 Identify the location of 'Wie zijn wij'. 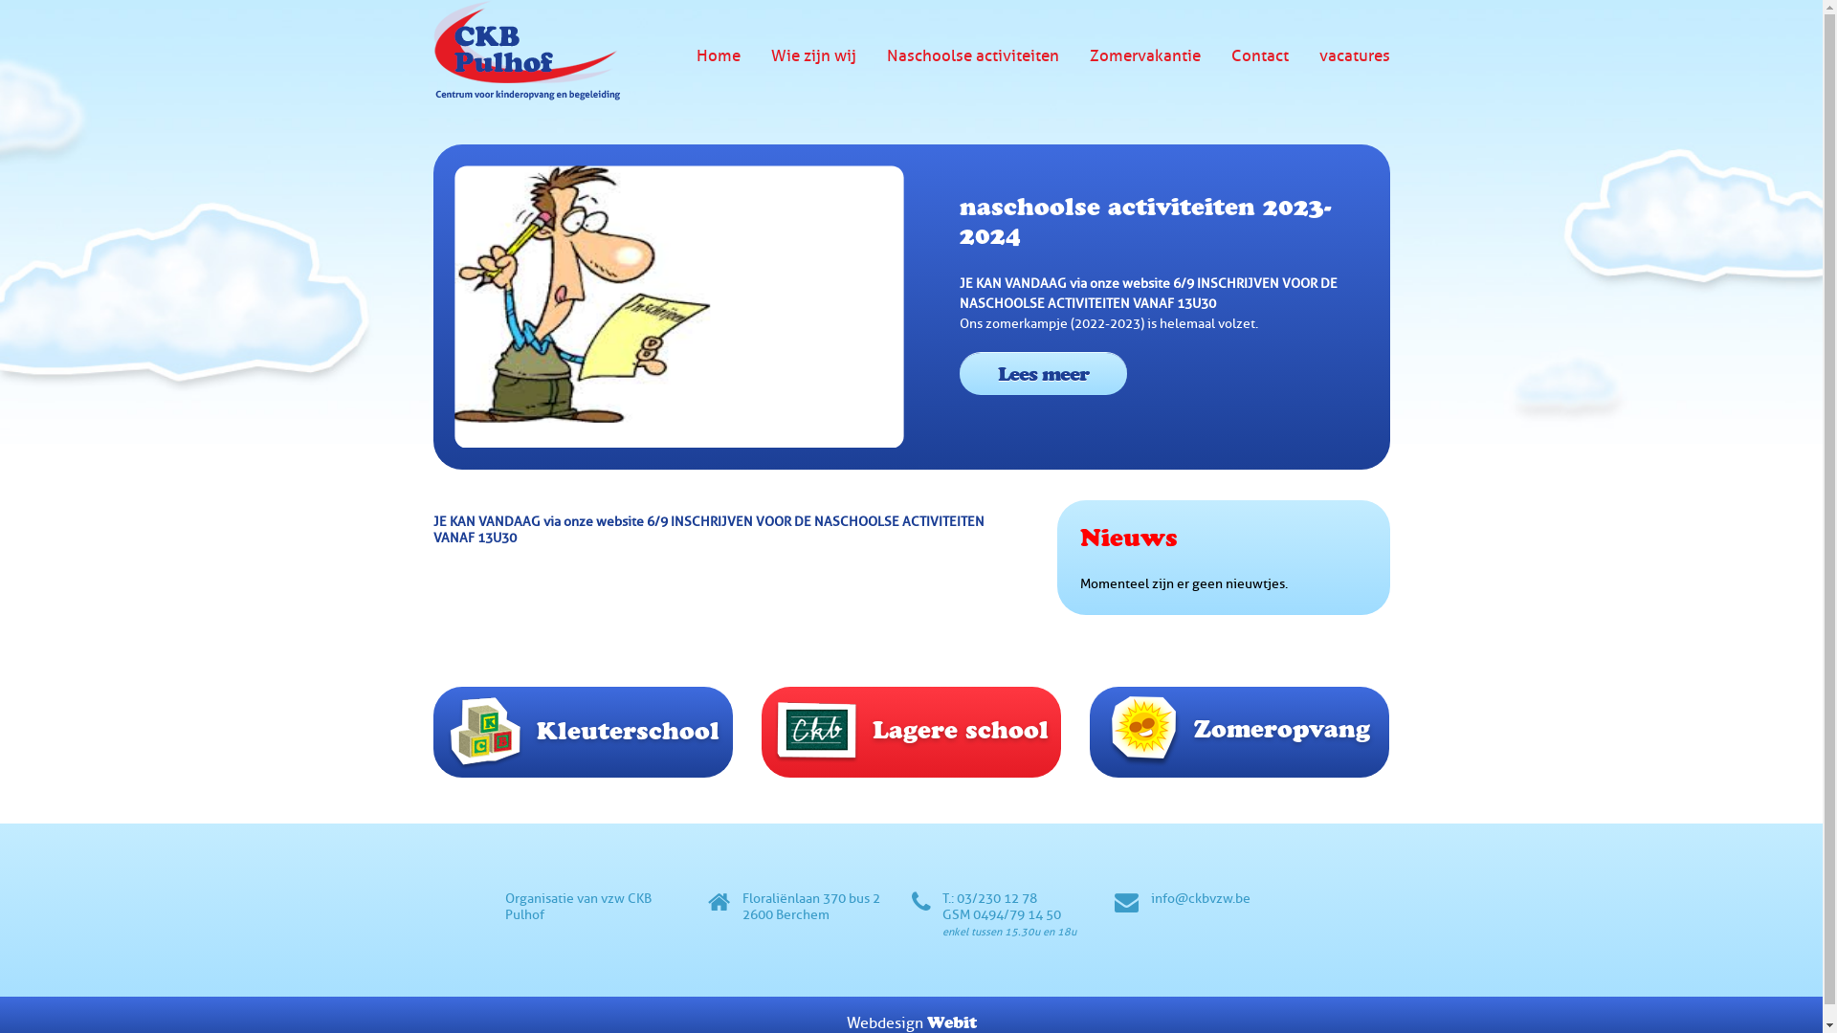
(813, 55).